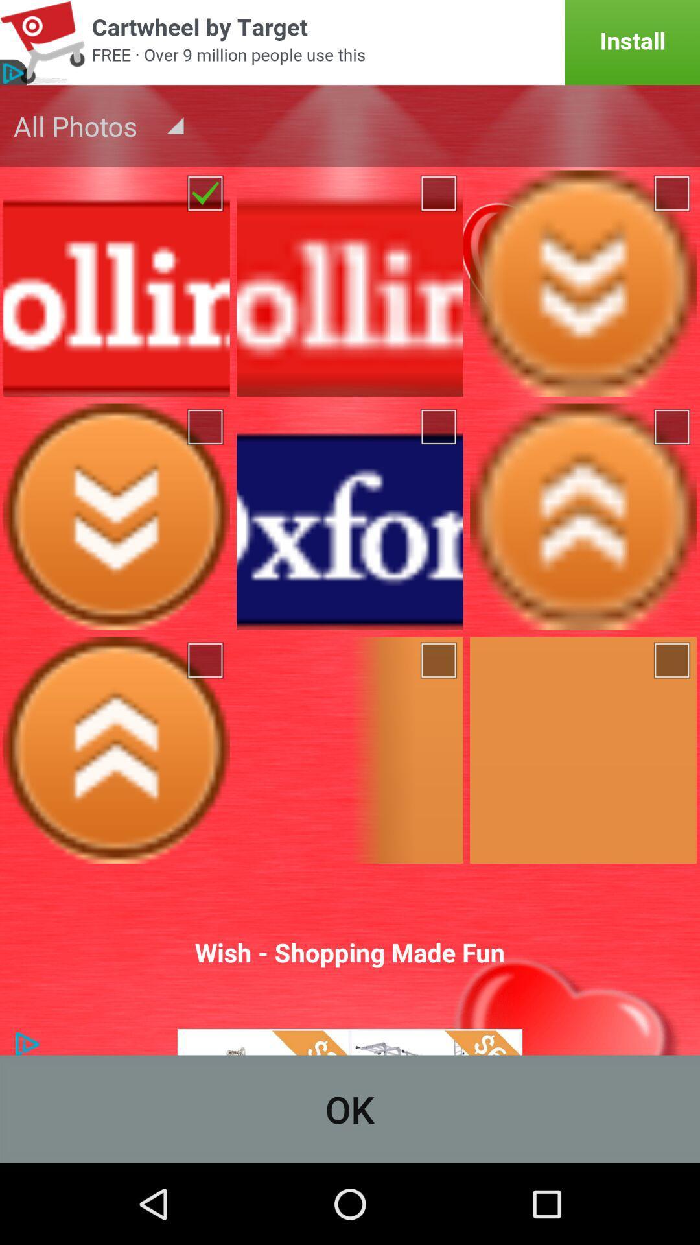 This screenshot has height=1245, width=700. What do you see at coordinates (350, 42) in the screenshot?
I see `advertisement` at bounding box center [350, 42].